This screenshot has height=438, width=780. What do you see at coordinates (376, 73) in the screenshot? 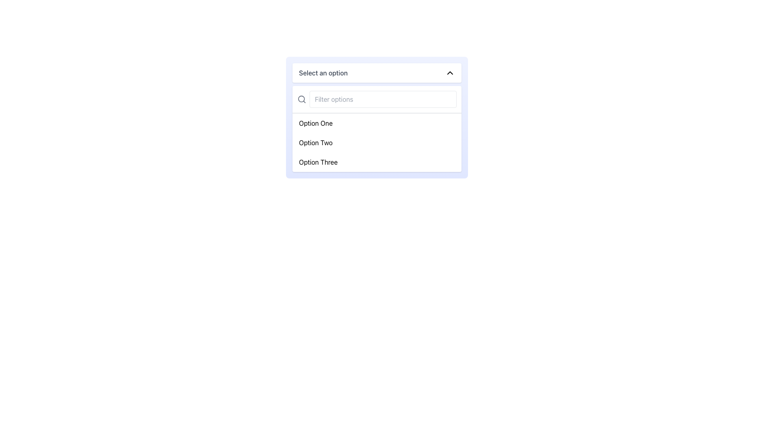
I see `the Dropdown Trigger Button labeled 'Select an option'` at bounding box center [376, 73].